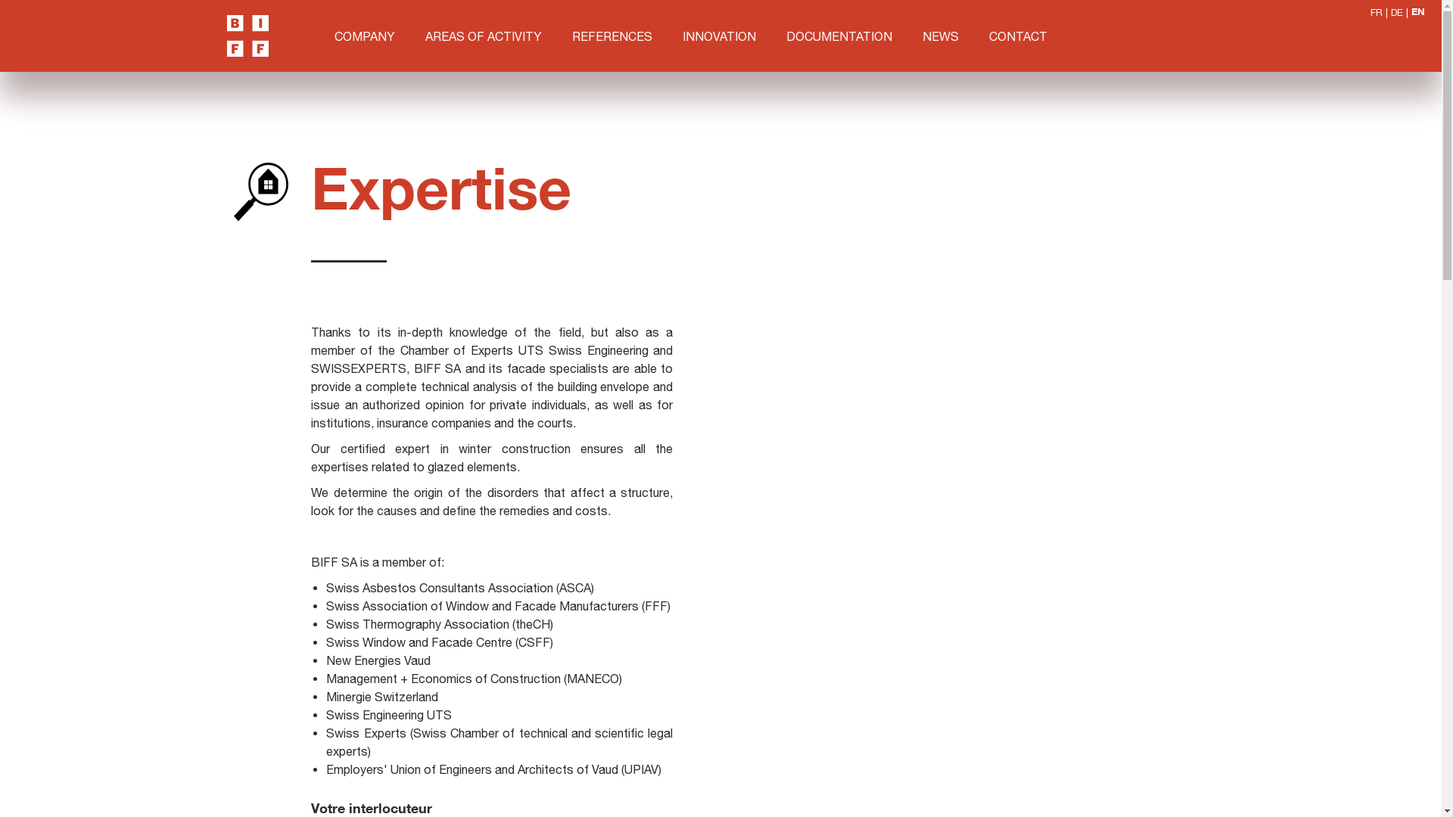 This screenshot has width=1453, height=817. I want to click on 'AREAS OF ACTIVITY', so click(482, 34).